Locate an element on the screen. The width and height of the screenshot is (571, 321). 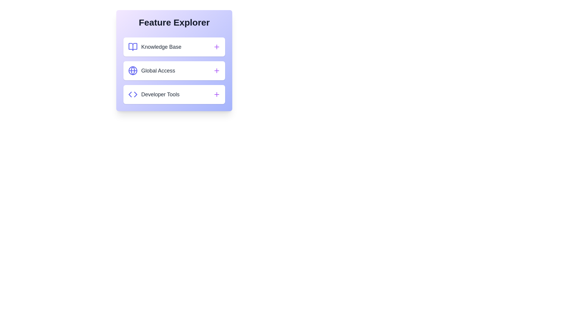
the list item Global Access to observe its hover effect is located at coordinates (174, 70).